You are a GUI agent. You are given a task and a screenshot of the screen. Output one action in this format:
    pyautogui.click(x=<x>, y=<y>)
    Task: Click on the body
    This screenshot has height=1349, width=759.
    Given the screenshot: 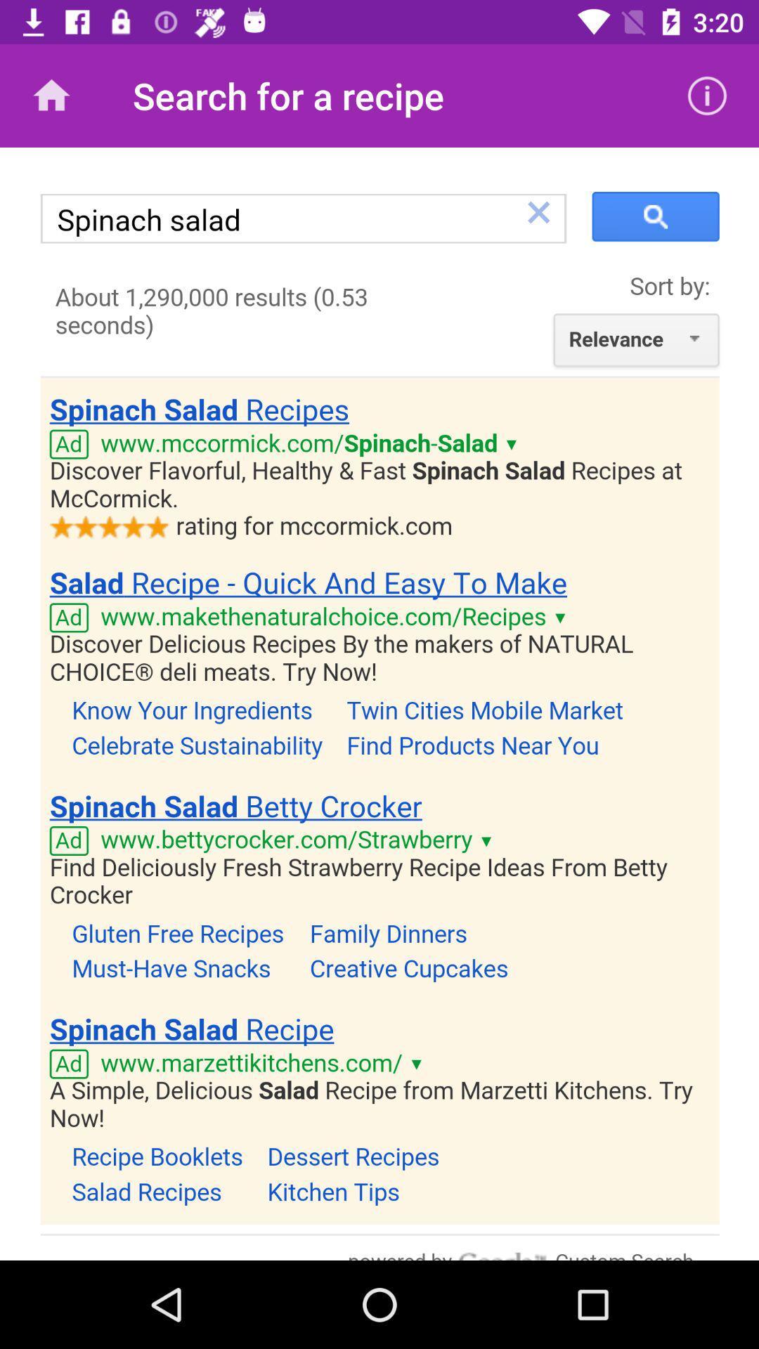 What is the action you would take?
    pyautogui.click(x=379, y=704)
    